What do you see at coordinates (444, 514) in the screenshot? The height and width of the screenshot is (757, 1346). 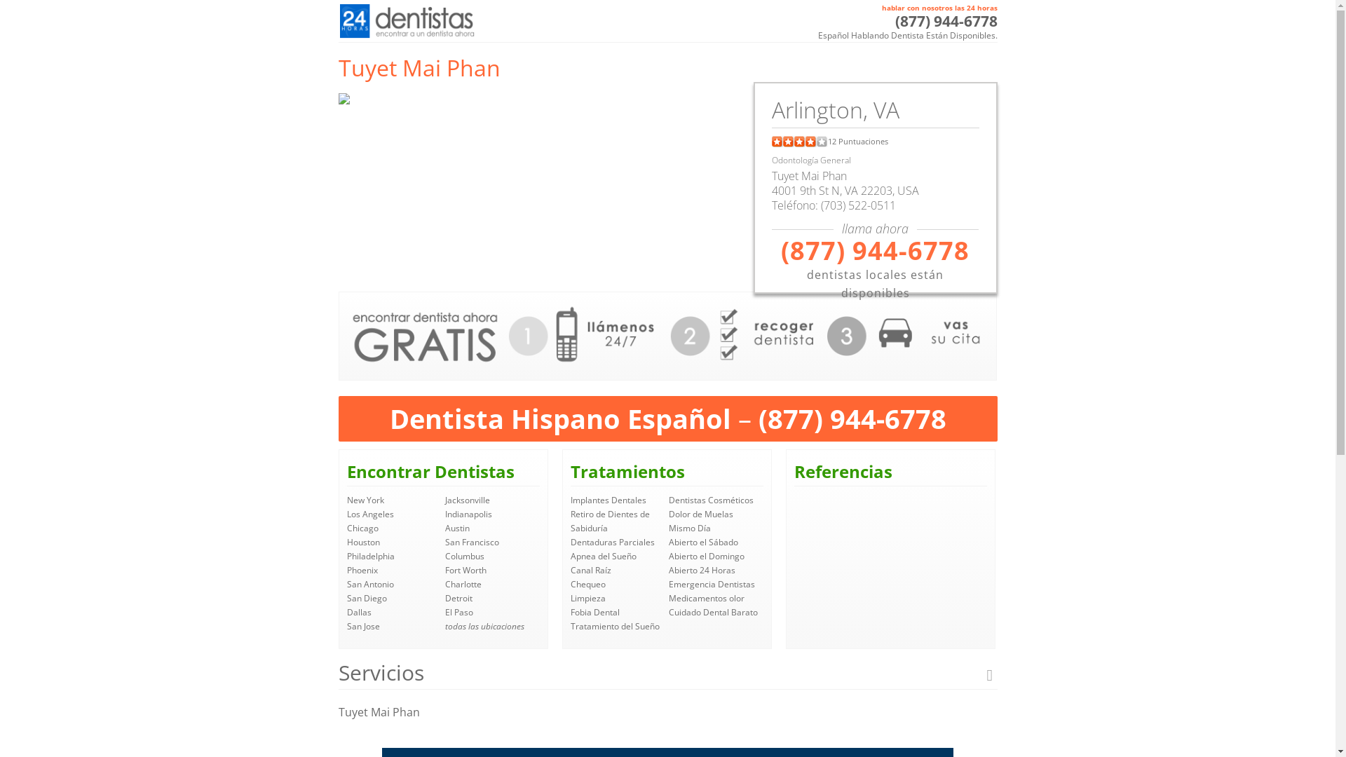 I see `'Indianapolis'` at bounding box center [444, 514].